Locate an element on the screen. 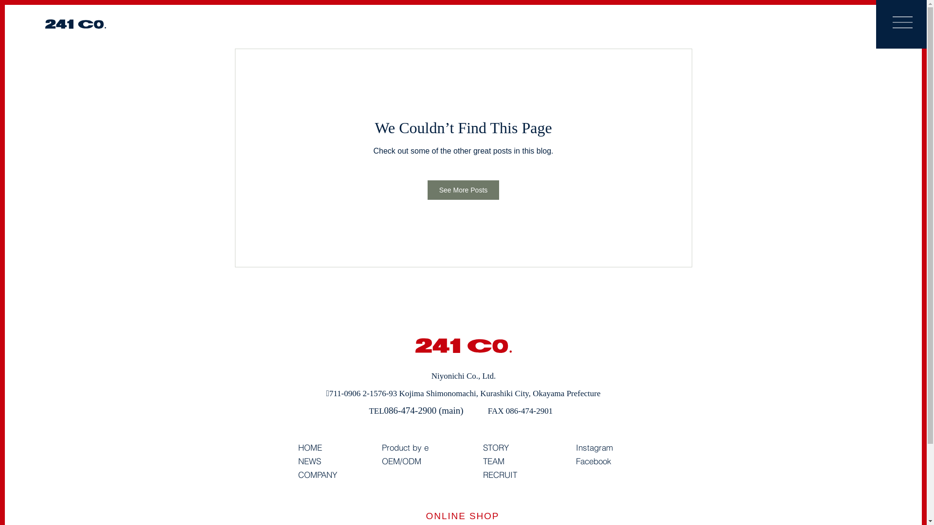 The width and height of the screenshot is (934, 525). 'COMPANY' is located at coordinates (297, 474).